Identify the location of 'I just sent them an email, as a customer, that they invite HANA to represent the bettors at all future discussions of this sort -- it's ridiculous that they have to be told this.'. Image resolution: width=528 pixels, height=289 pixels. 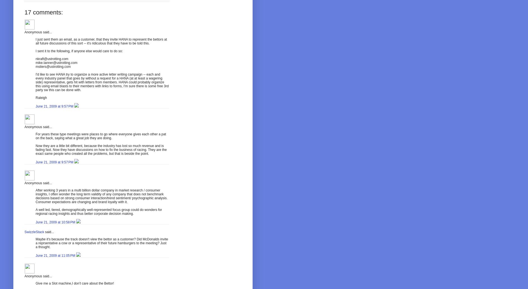
(101, 41).